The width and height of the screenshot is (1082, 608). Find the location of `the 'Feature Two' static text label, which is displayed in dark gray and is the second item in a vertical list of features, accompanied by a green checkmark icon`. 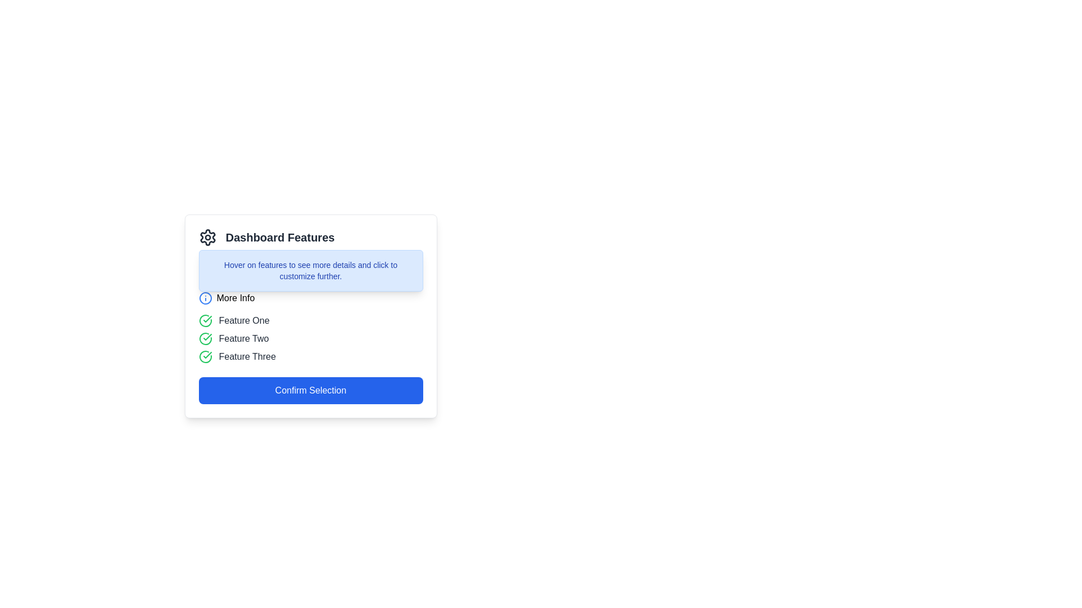

the 'Feature Two' static text label, which is displayed in dark gray and is the second item in a vertical list of features, accompanied by a green checkmark icon is located at coordinates (243, 338).